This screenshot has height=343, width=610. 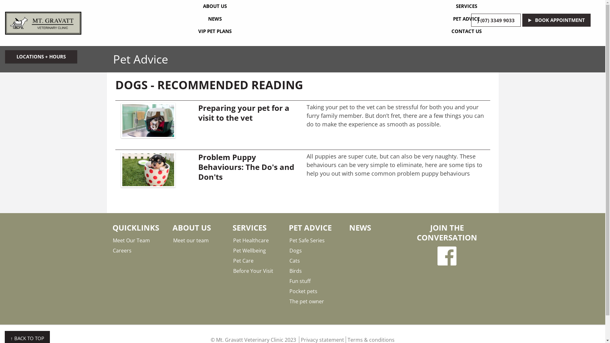 What do you see at coordinates (315, 261) in the screenshot?
I see `'Cats'` at bounding box center [315, 261].